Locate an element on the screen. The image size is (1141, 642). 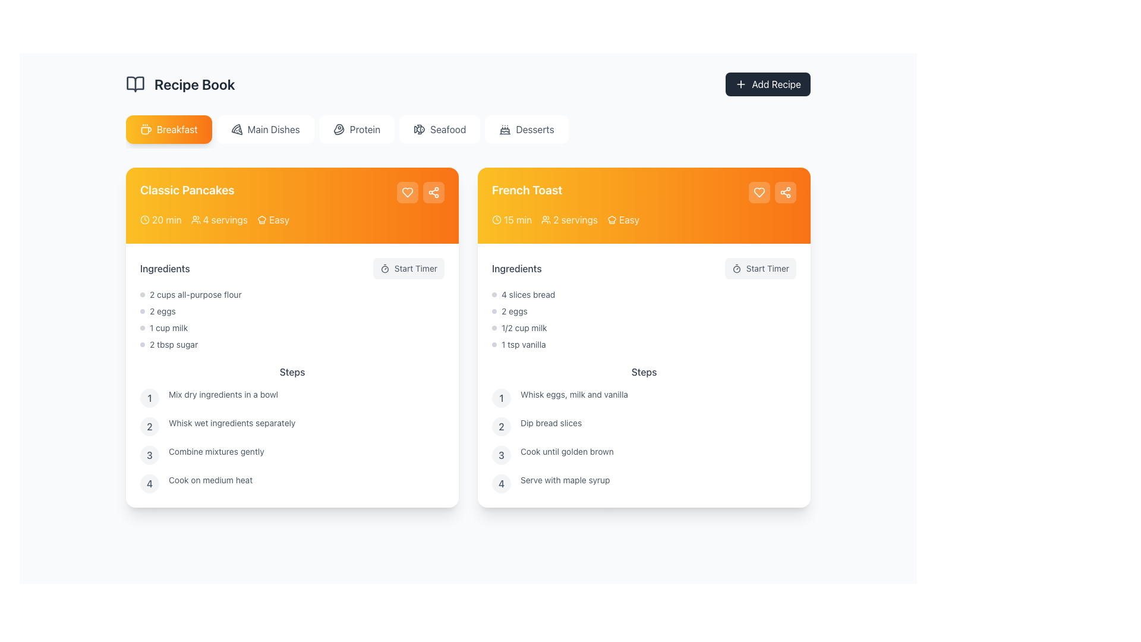
the heart-shaped icon button with a red border, located in the upper right section of the 'Classic Pancakes' card is located at coordinates (408, 192).